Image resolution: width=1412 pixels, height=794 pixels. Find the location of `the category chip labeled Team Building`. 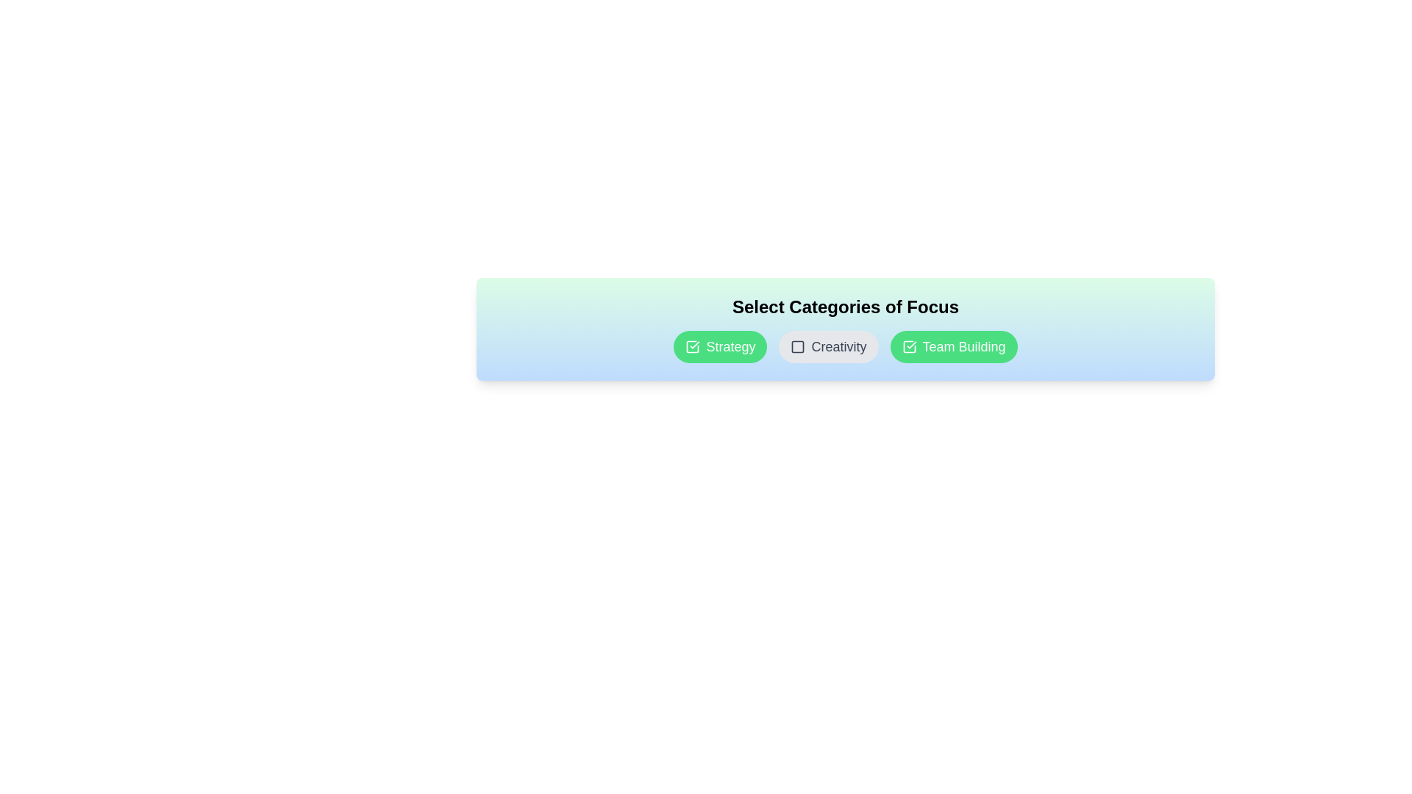

the category chip labeled Team Building is located at coordinates (953, 346).